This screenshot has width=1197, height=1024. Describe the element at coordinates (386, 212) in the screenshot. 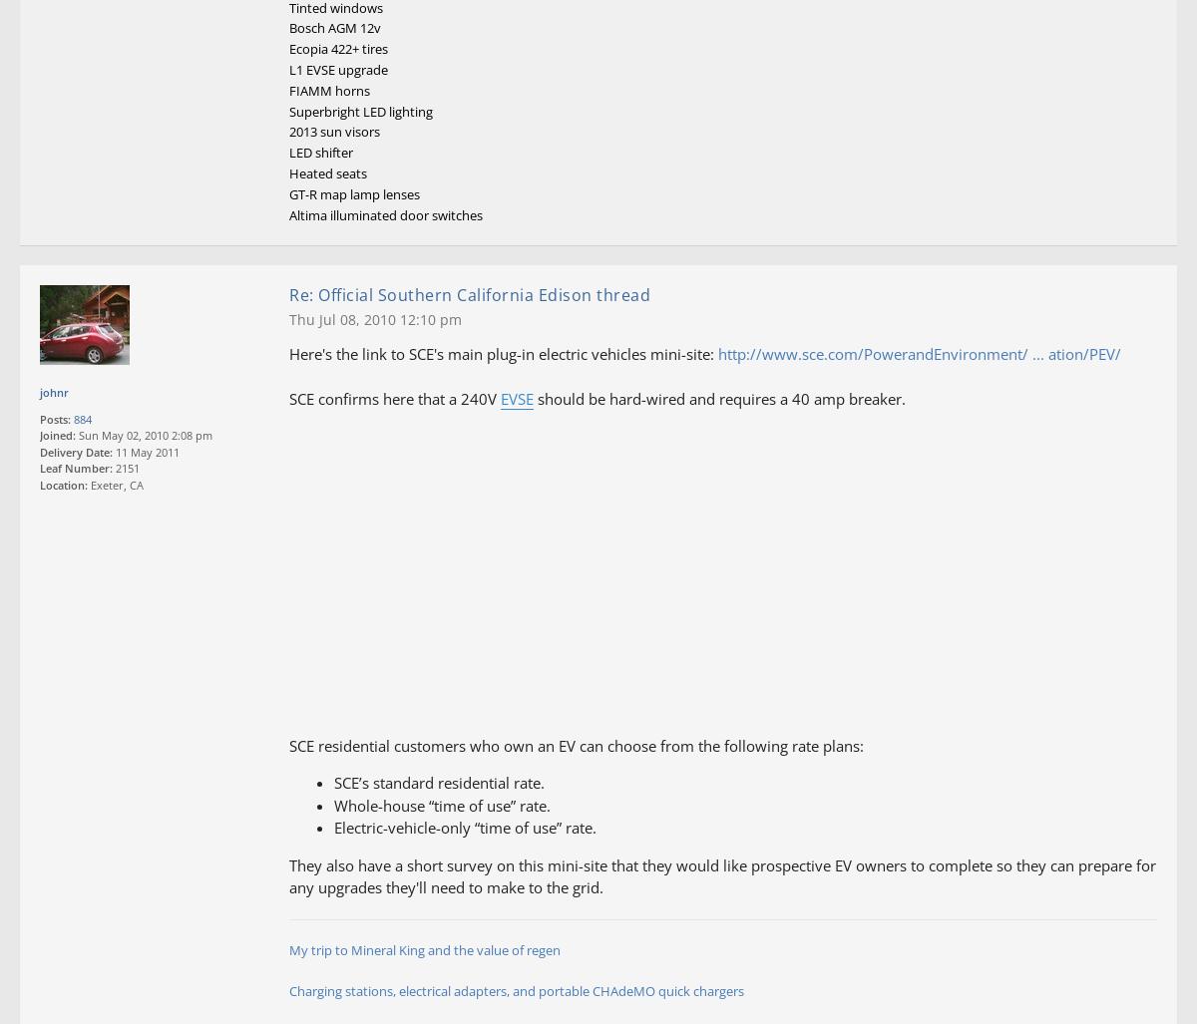

I see `'Altima illuminated door switches'` at that location.